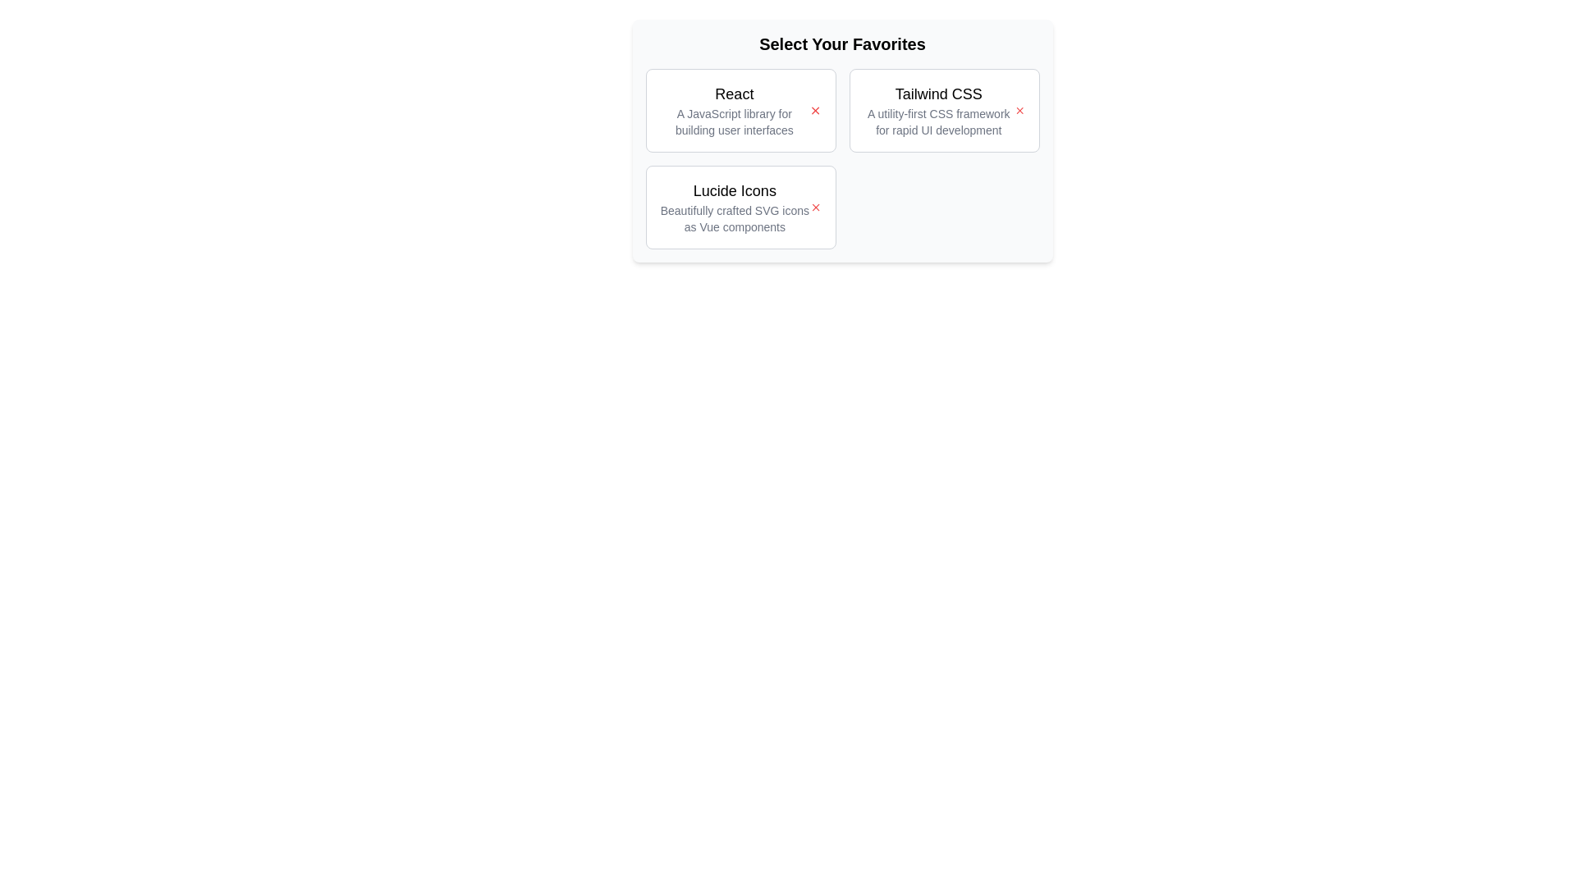 The width and height of the screenshot is (1576, 886). What do you see at coordinates (815, 111) in the screenshot?
I see `the React icon to toggle its selection` at bounding box center [815, 111].